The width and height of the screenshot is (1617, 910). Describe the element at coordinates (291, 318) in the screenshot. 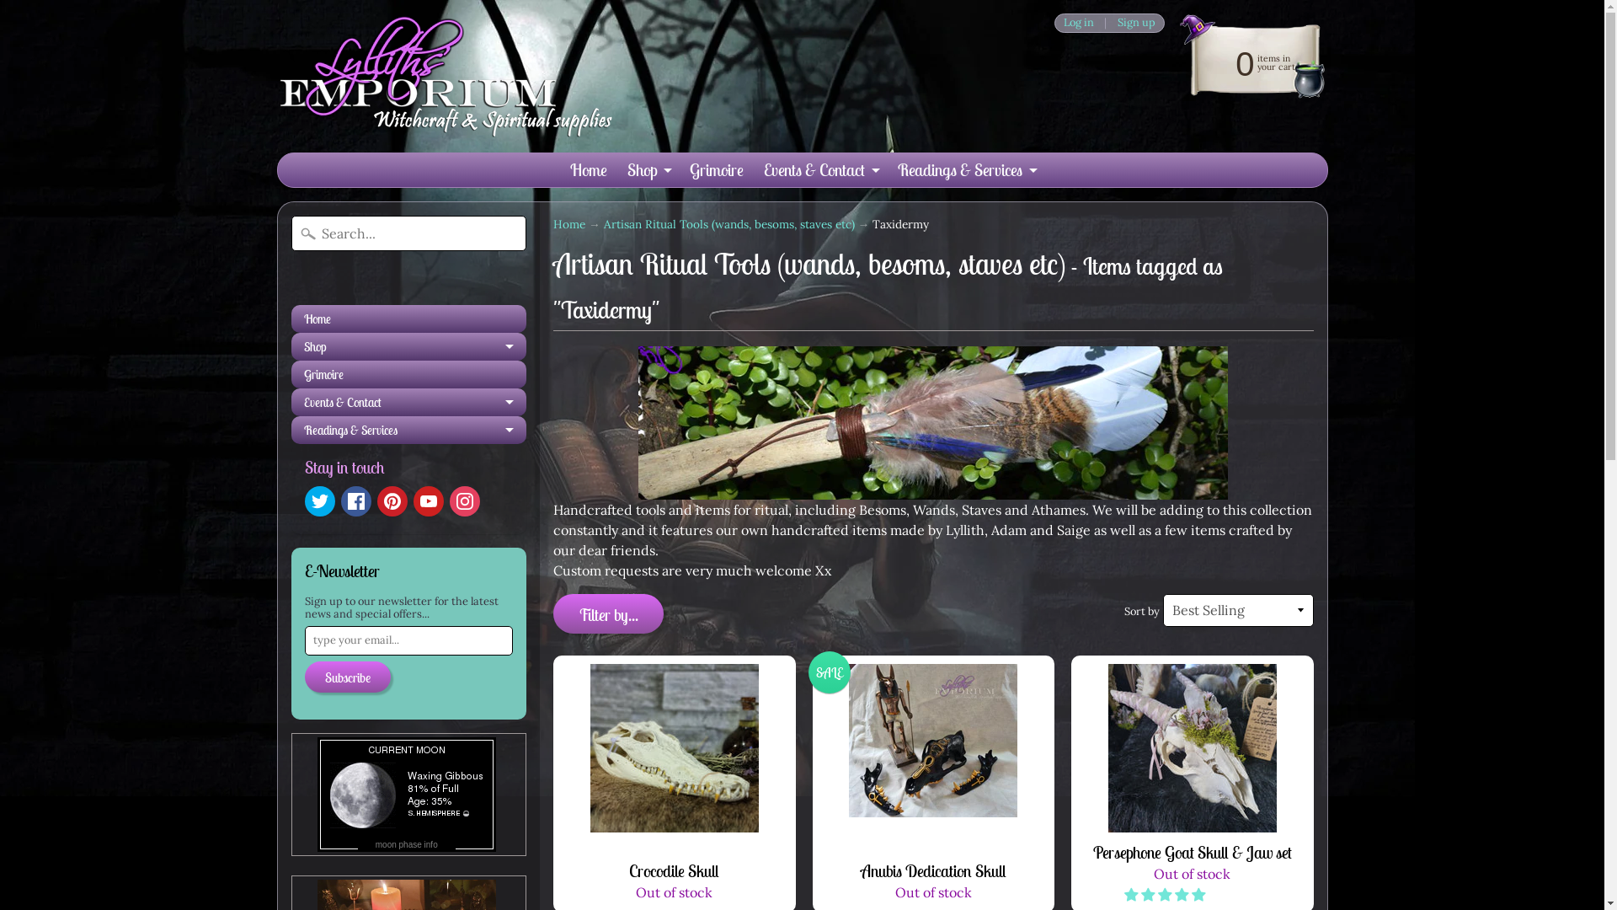

I see `'Home'` at that location.